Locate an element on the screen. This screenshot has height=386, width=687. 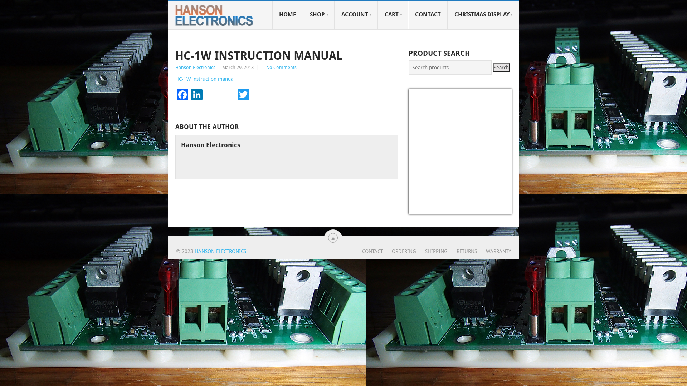
'SHIPPING' is located at coordinates (416, 251).